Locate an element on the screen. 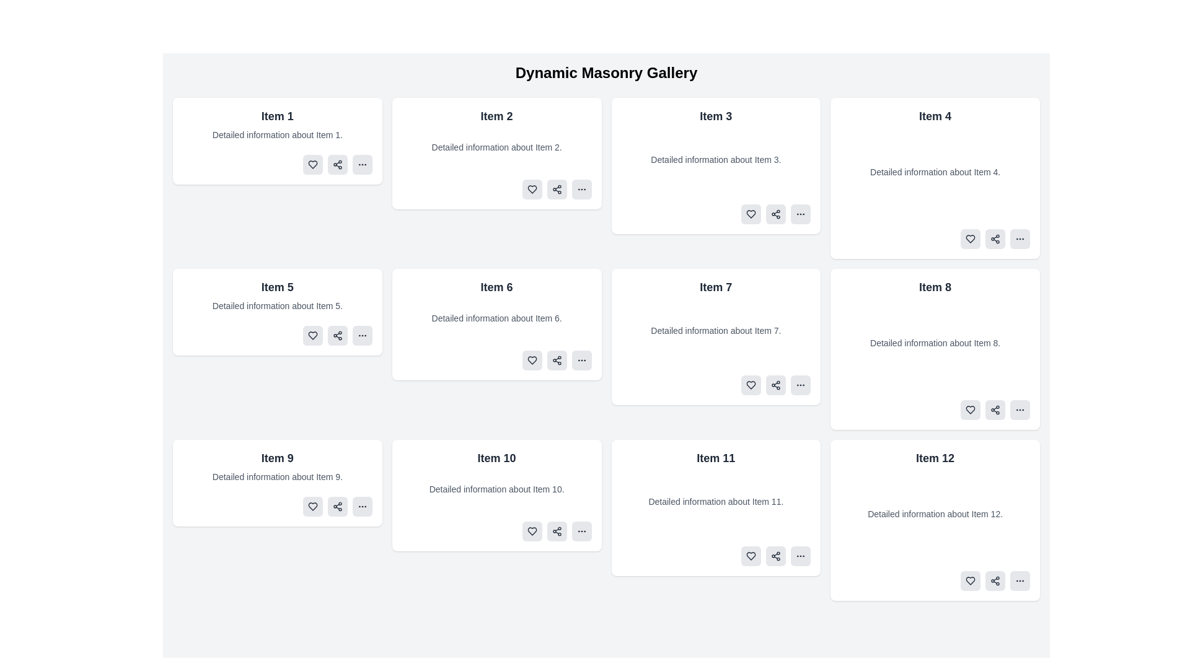 This screenshot has height=669, width=1190. the share button located within the 'Item 5' card, which has a light gray background and an icon resembling a share symbol is located at coordinates (337, 336).